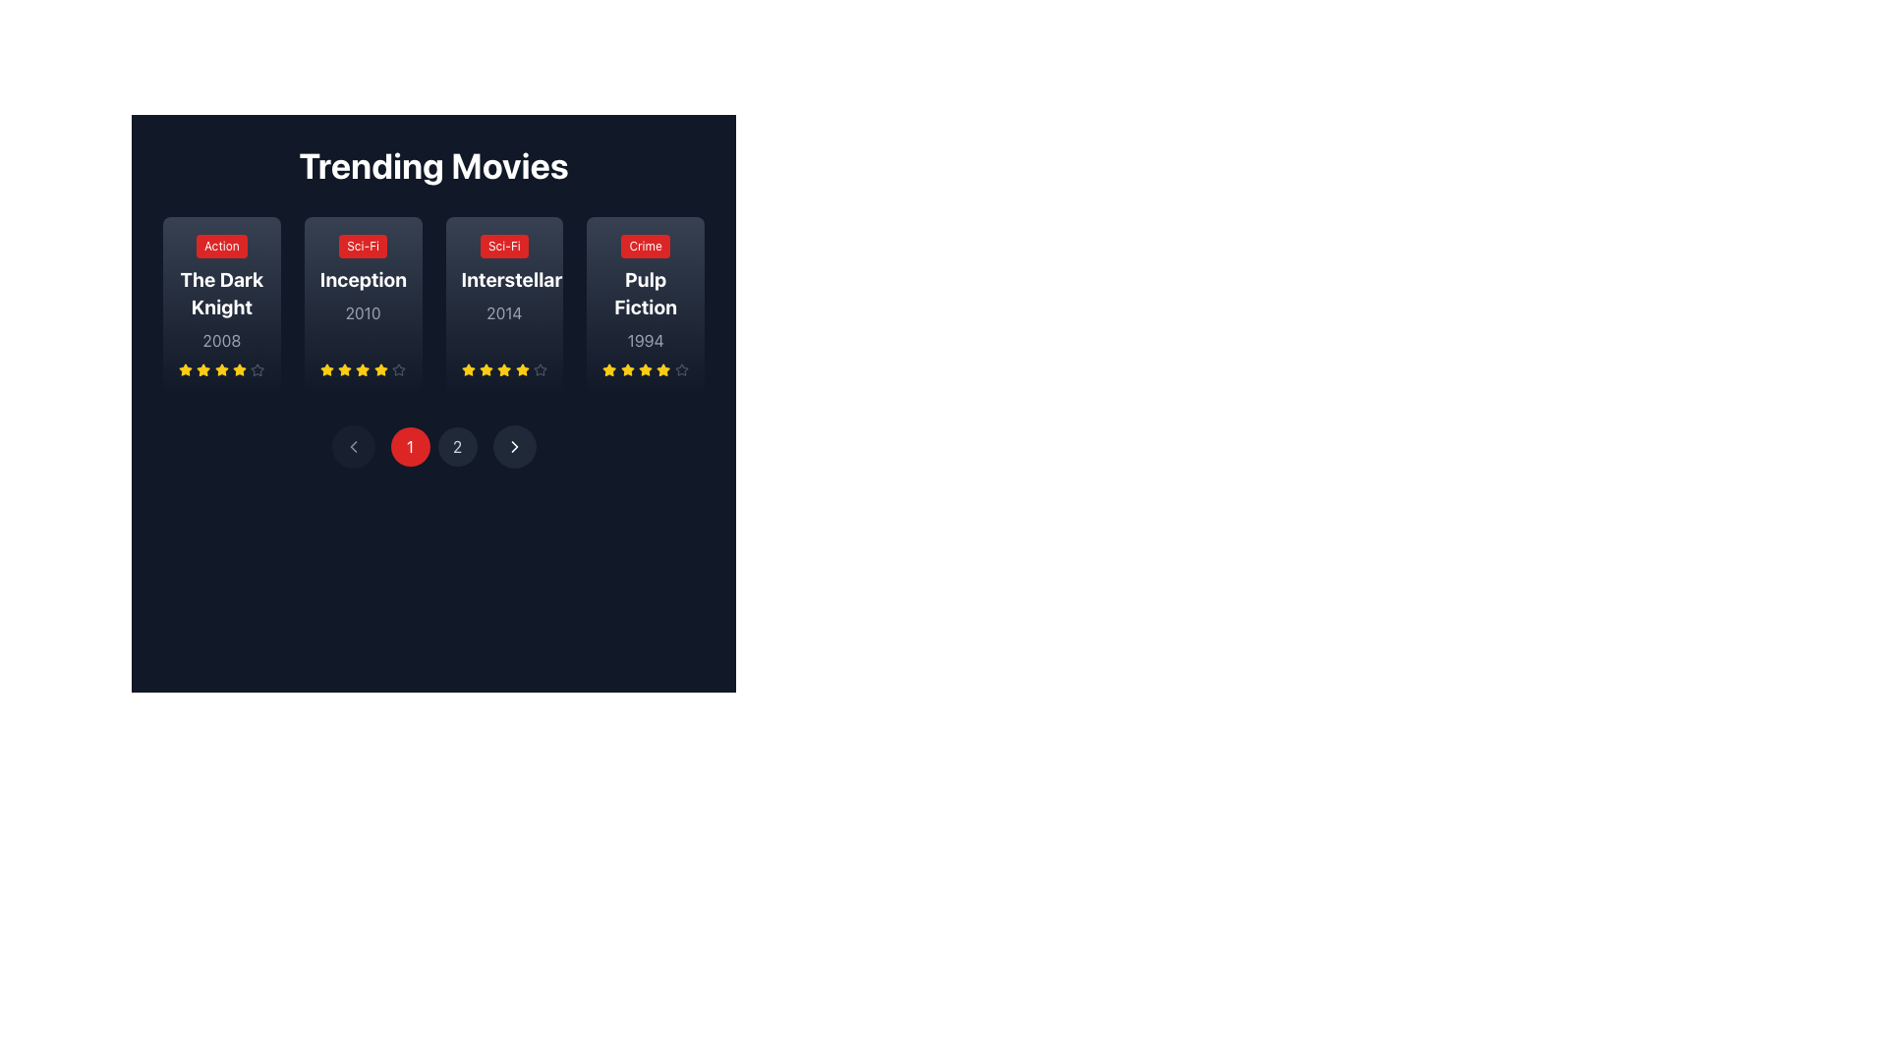  What do you see at coordinates (646, 294) in the screenshot?
I see `the movie title text label located centrally below the 'Crime' tag and above the year '1994'` at bounding box center [646, 294].